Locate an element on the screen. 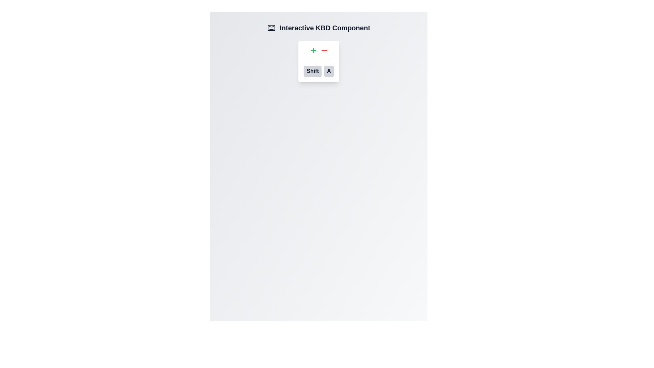 The height and width of the screenshot is (368, 654). the green plus icon button located at the top left corner of the card is located at coordinates (313, 50).